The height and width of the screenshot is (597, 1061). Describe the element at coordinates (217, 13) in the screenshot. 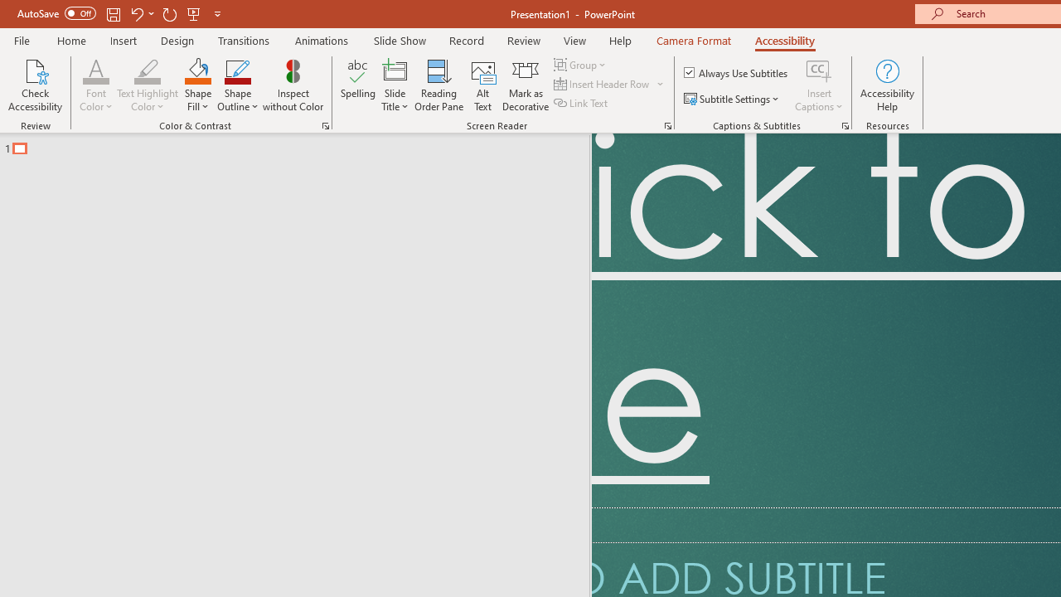

I see `'Customize Quick Access Toolbar'` at that location.